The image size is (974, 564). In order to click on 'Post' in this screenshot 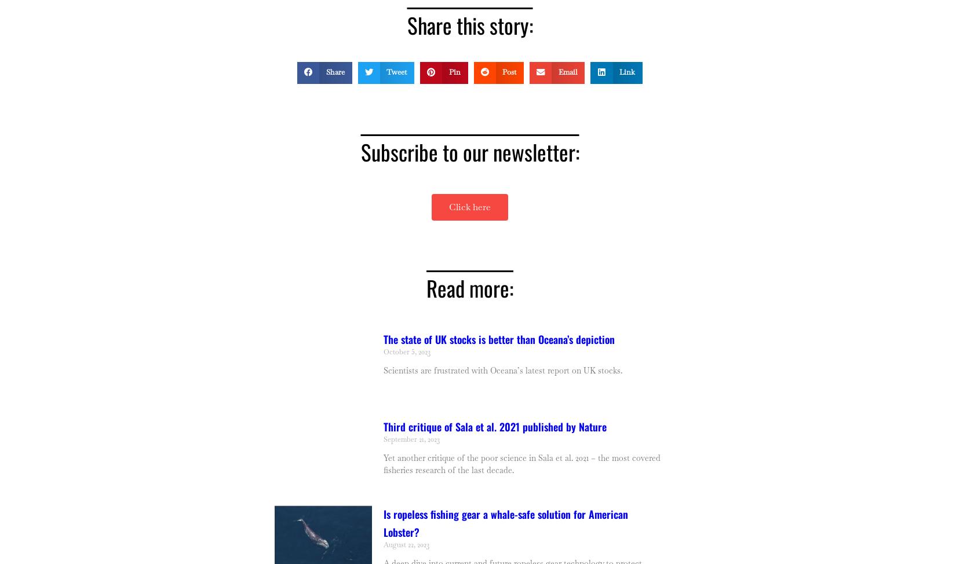, I will do `click(509, 71)`.